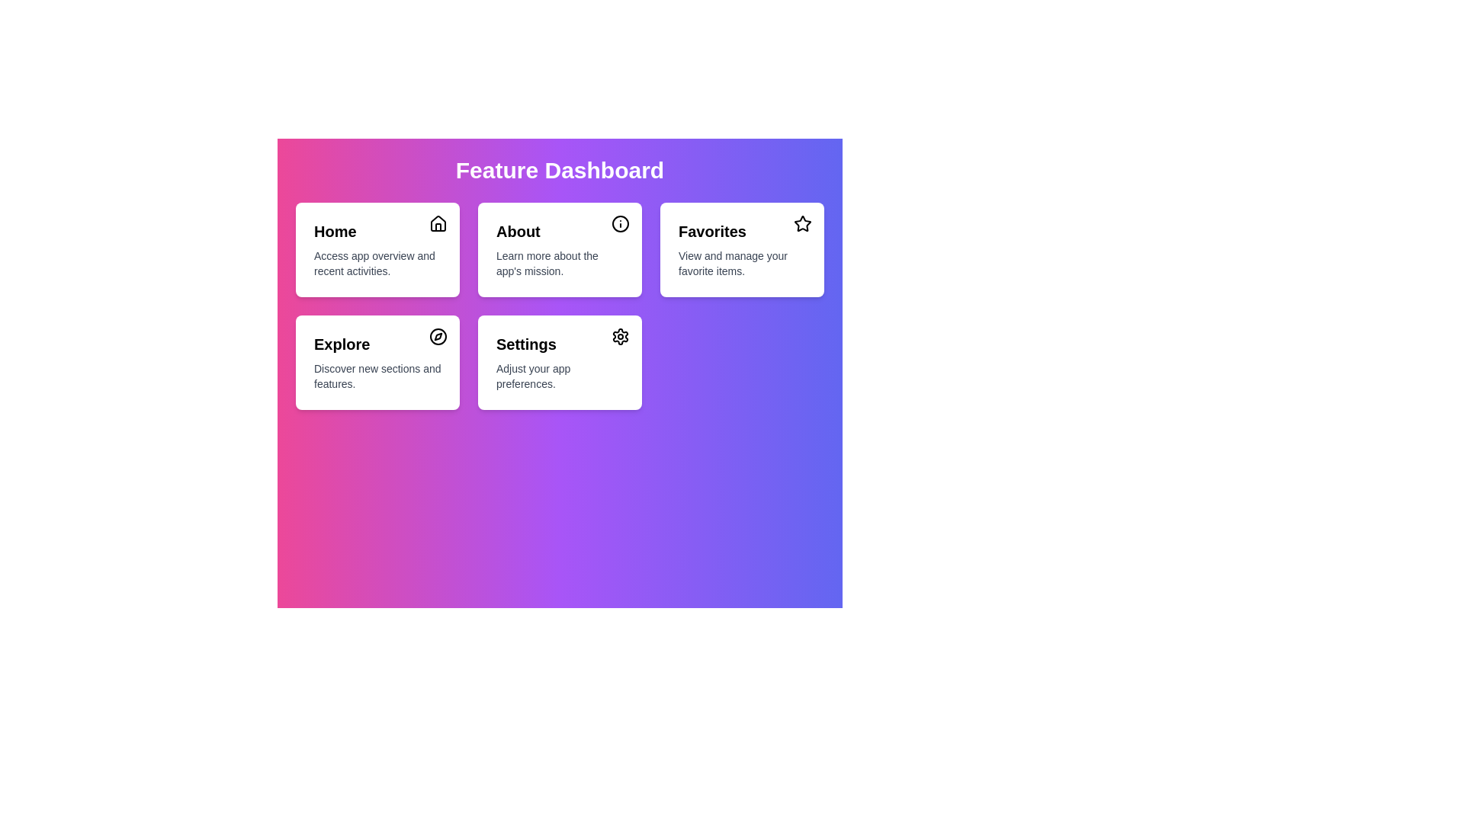 The image size is (1464, 823). Describe the element at coordinates (559, 248) in the screenshot. I see `the menu item About to navigate to its respective section` at that location.